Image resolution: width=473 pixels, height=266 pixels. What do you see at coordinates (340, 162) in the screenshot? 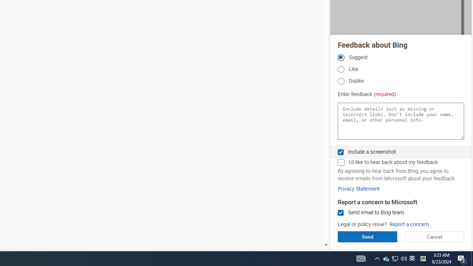
I see `'I'` at bounding box center [340, 162].